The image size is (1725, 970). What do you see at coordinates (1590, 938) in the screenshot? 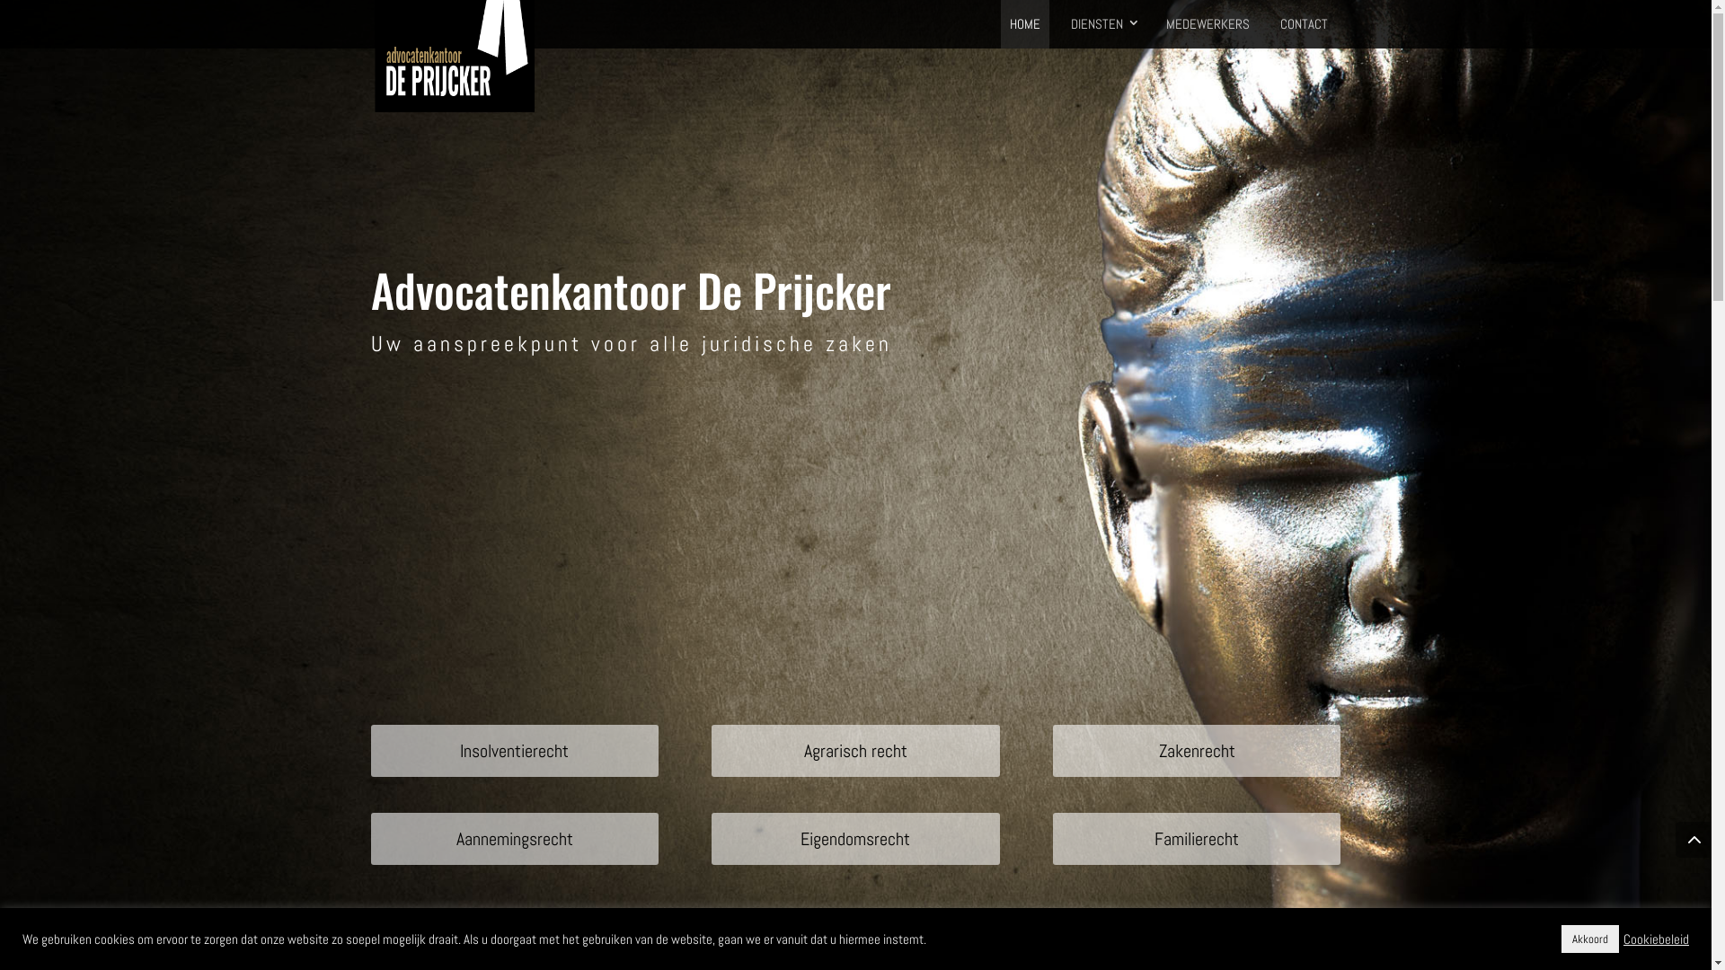
I see `'Akkoord'` at bounding box center [1590, 938].